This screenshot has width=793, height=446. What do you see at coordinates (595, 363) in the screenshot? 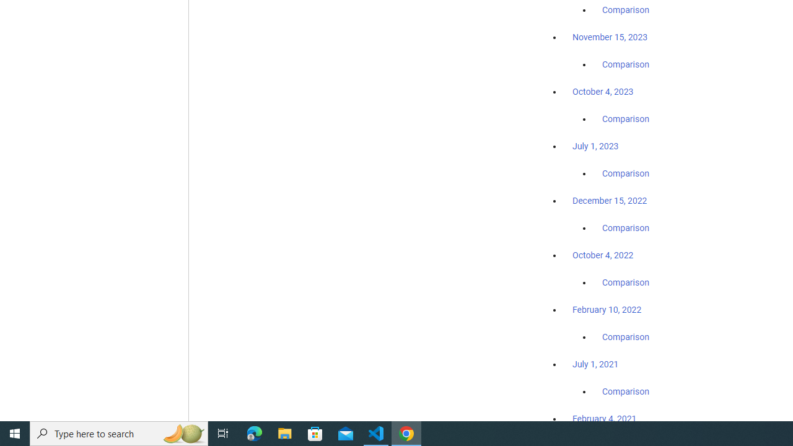
I see `'July 1, 2021'` at bounding box center [595, 363].